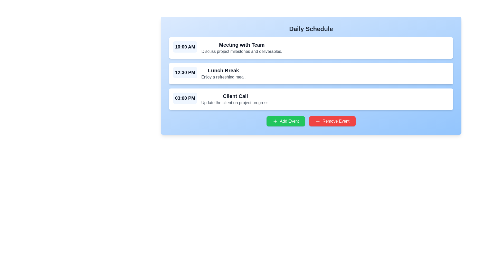 The width and height of the screenshot is (493, 277). Describe the element at coordinates (185, 98) in the screenshot. I see `the text label displaying '03:00 PM' in bold and large font, which is located on a light blue background within the 'Client Call' box, positioned as the leftmost element and the third box from the top in the schedule list` at that location.